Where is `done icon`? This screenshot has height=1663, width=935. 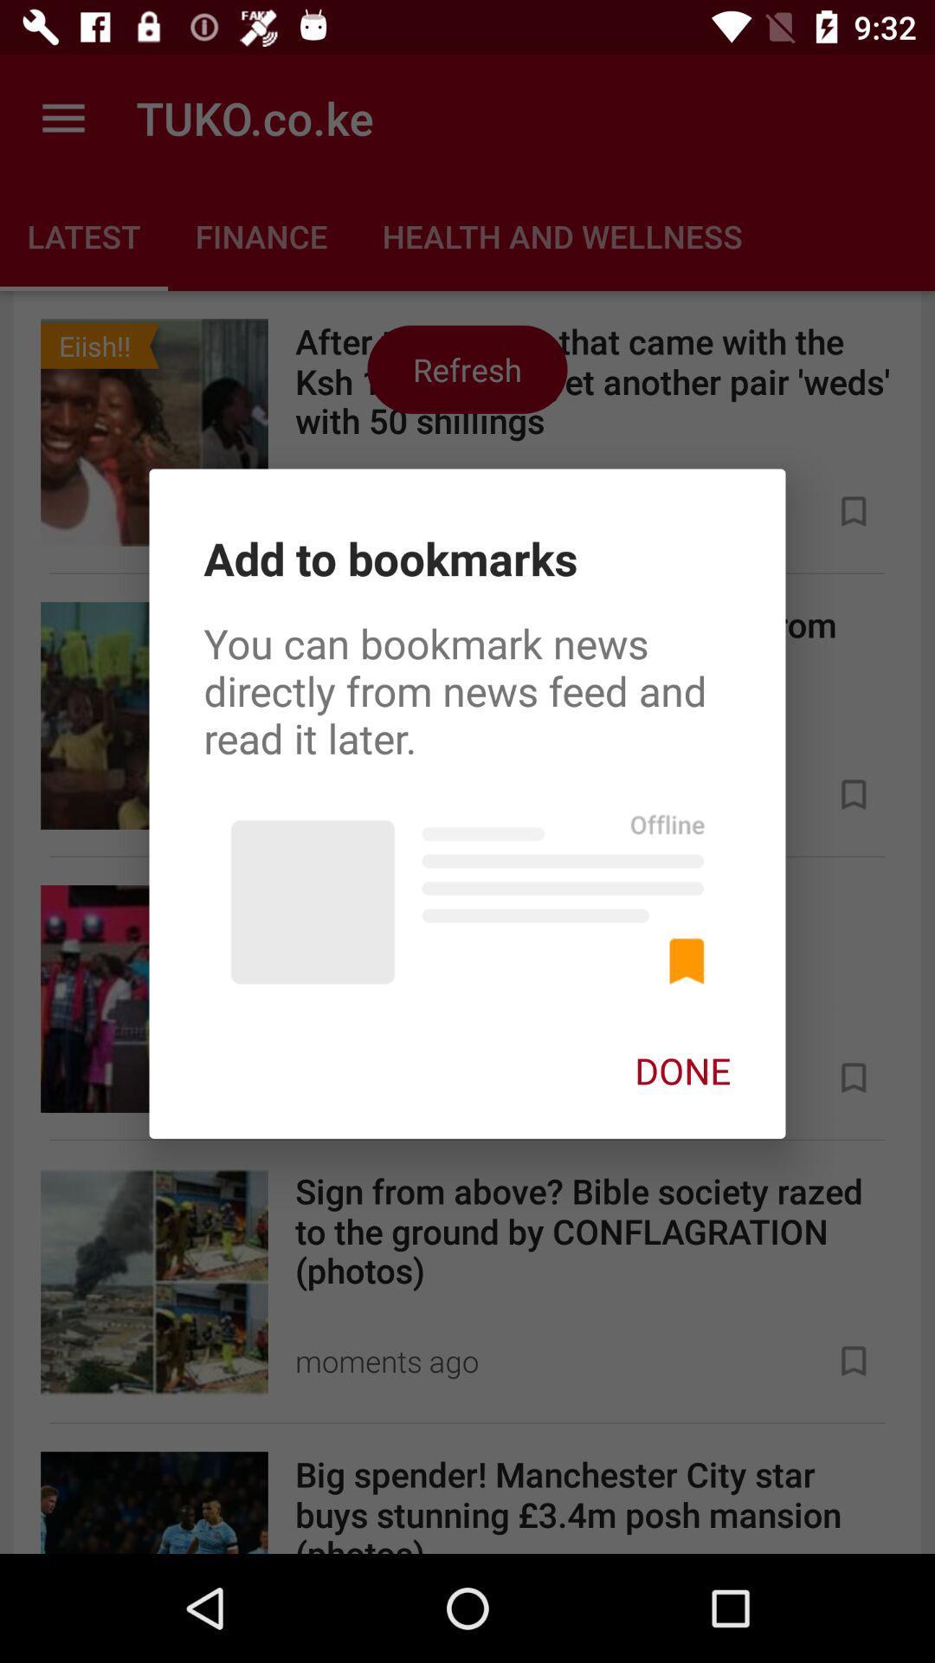
done icon is located at coordinates (682, 1070).